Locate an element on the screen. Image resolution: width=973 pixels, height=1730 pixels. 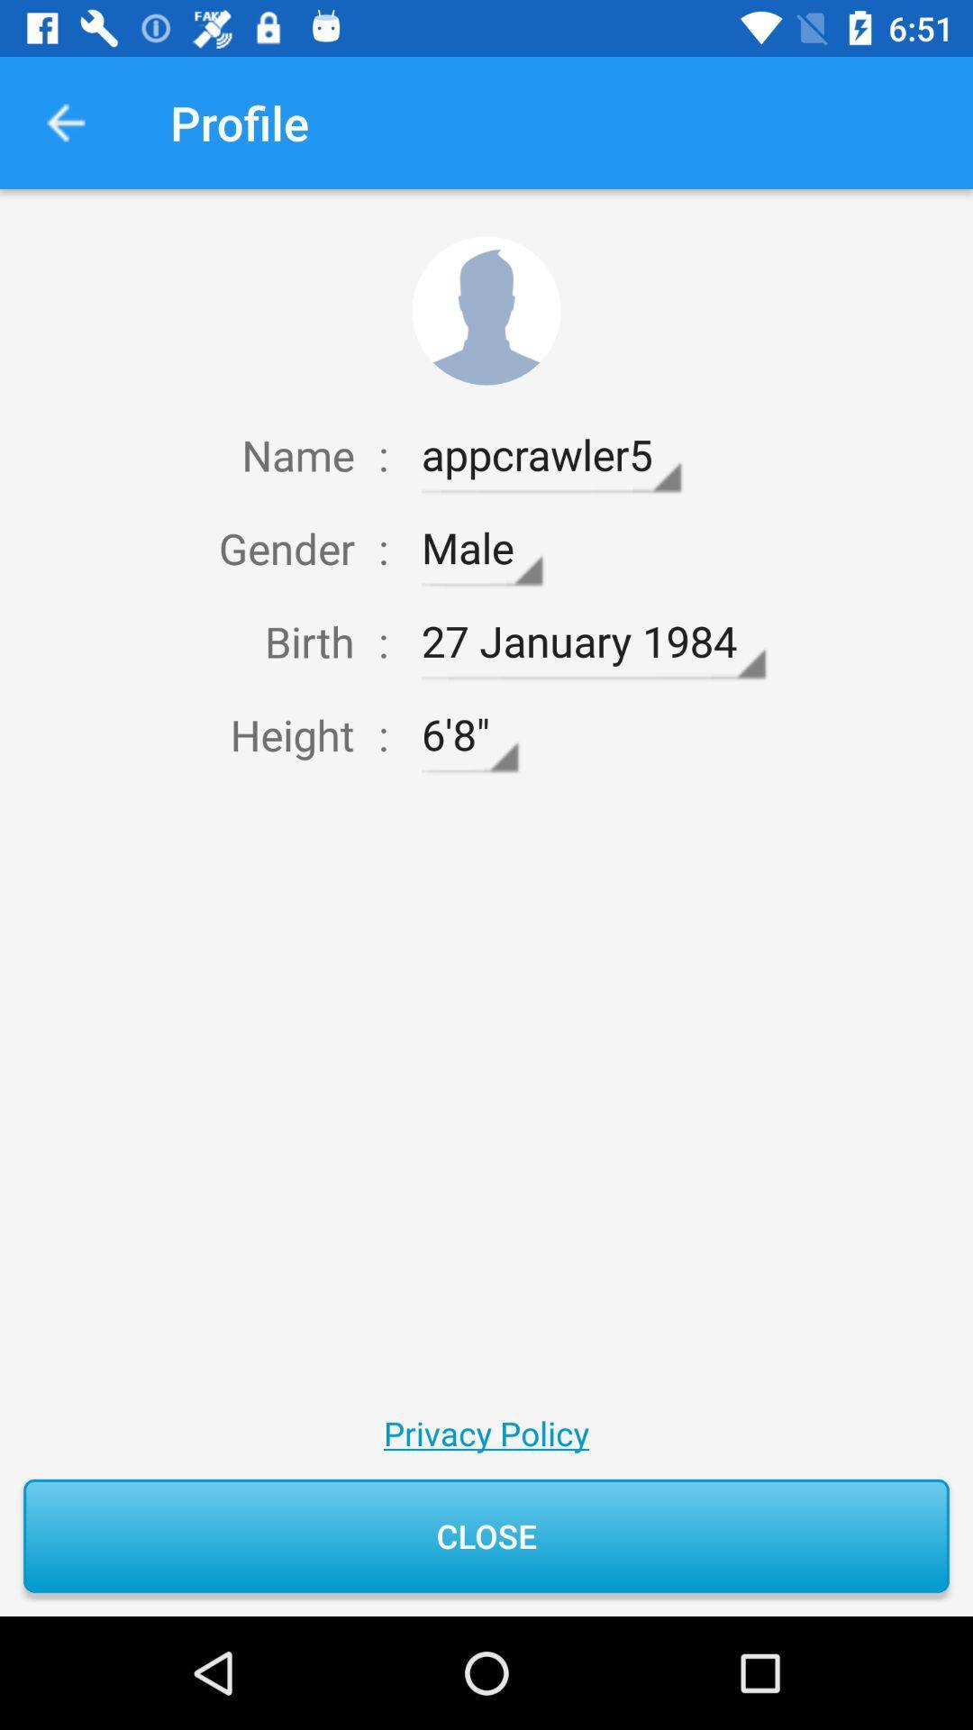
appcrawler5 icon is located at coordinates (550, 455).